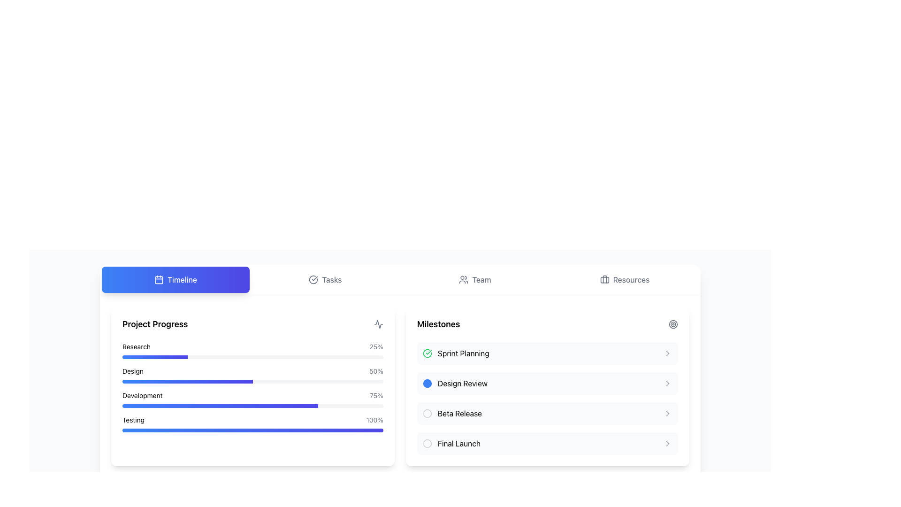 Image resolution: width=901 pixels, height=507 pixels. Describe the element at coordinates (378, 323) in the screenshot. I see `the icon in the 'Project Progress' section, located near the top-right corner and adjacent to the progress bar graph` at that location.